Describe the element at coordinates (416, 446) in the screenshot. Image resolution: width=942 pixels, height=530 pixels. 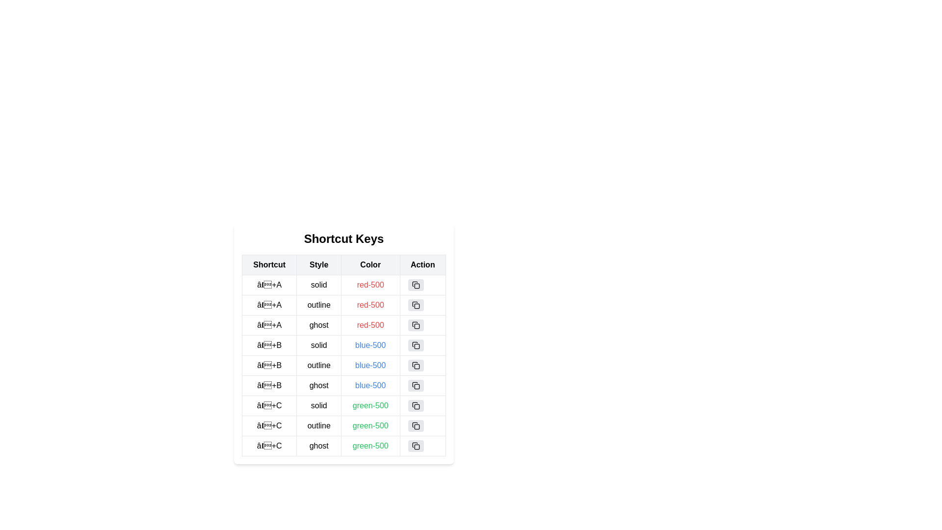
I see `the button located at the bottom-right corner of the last row in the 'Action' column of the table to copy the associated information` at that location.